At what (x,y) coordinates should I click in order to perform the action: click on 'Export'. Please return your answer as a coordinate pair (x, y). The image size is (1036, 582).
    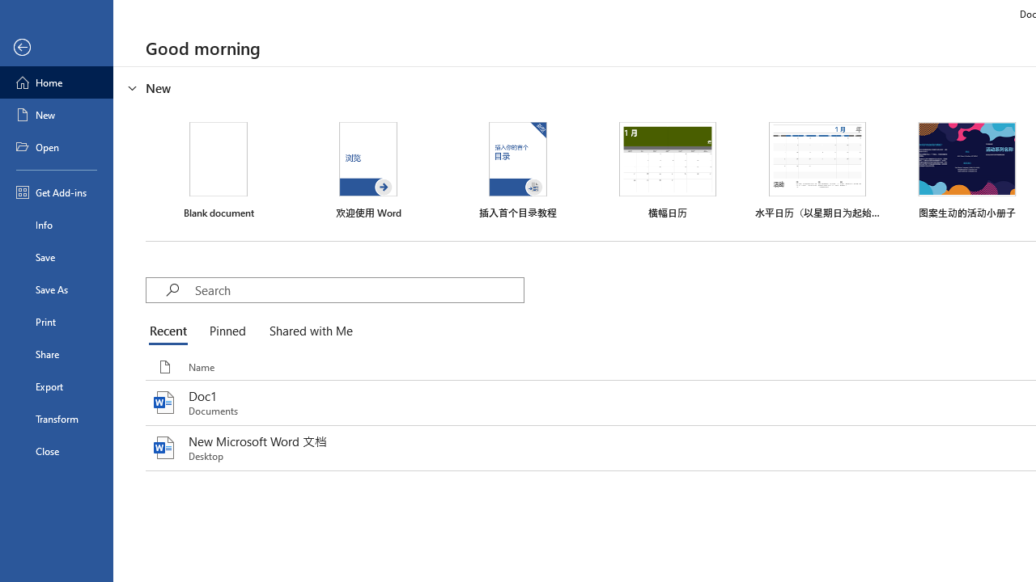
    Looking at the image, I should click on (56, 386).